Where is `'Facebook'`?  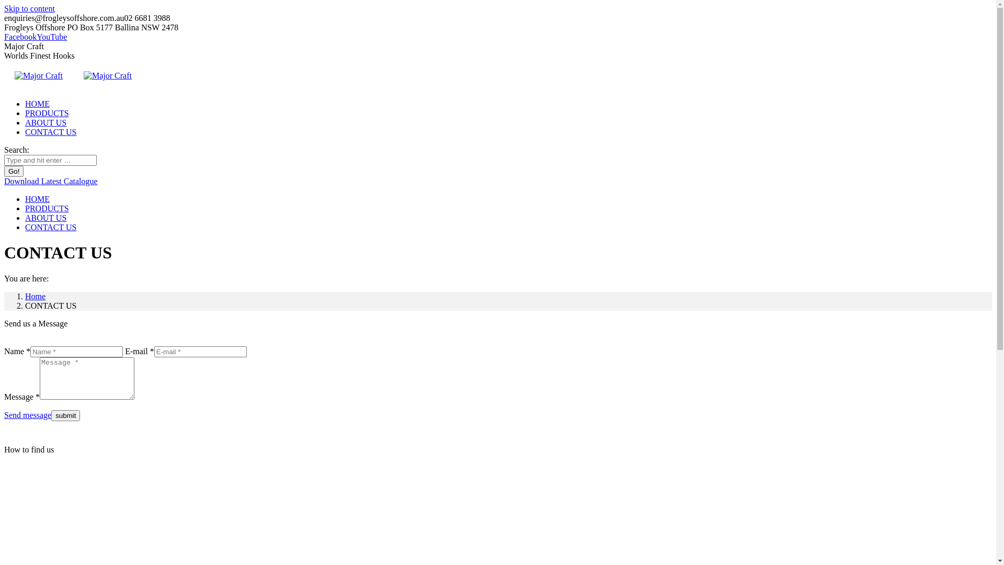
'Facebook' is located at coordinates (20, 36).